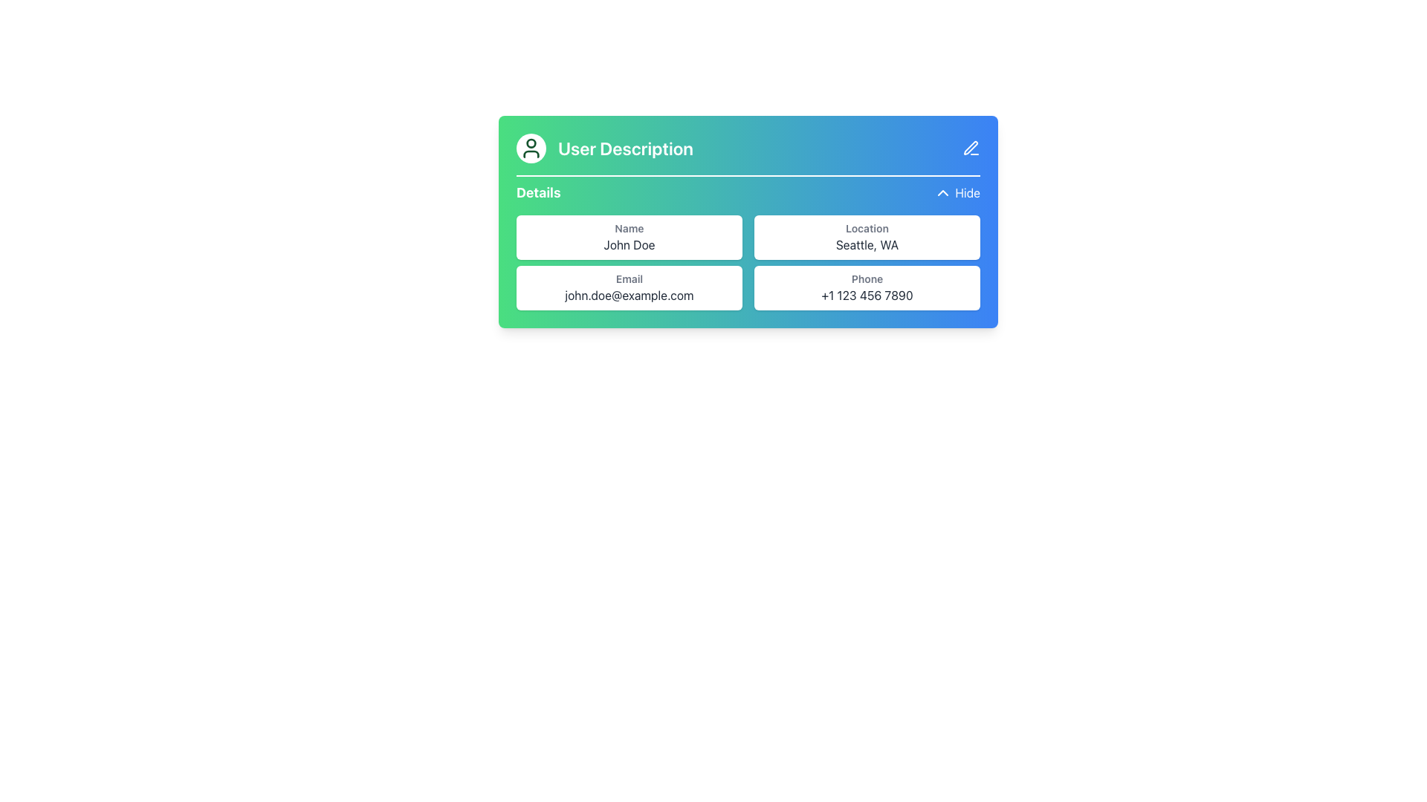 Image resolution: width=1427 pixels, height=802 pixels. What do you see at coordinates (629, 237) in the screenshot?
I see `the 'Name' text display card, which is a white rectangular card with rounded corners, showing 'Name' in gray font and 'John Doe' in bold dark font, located in the upper left quadrant of the details section` at bounding box center [629, 237].